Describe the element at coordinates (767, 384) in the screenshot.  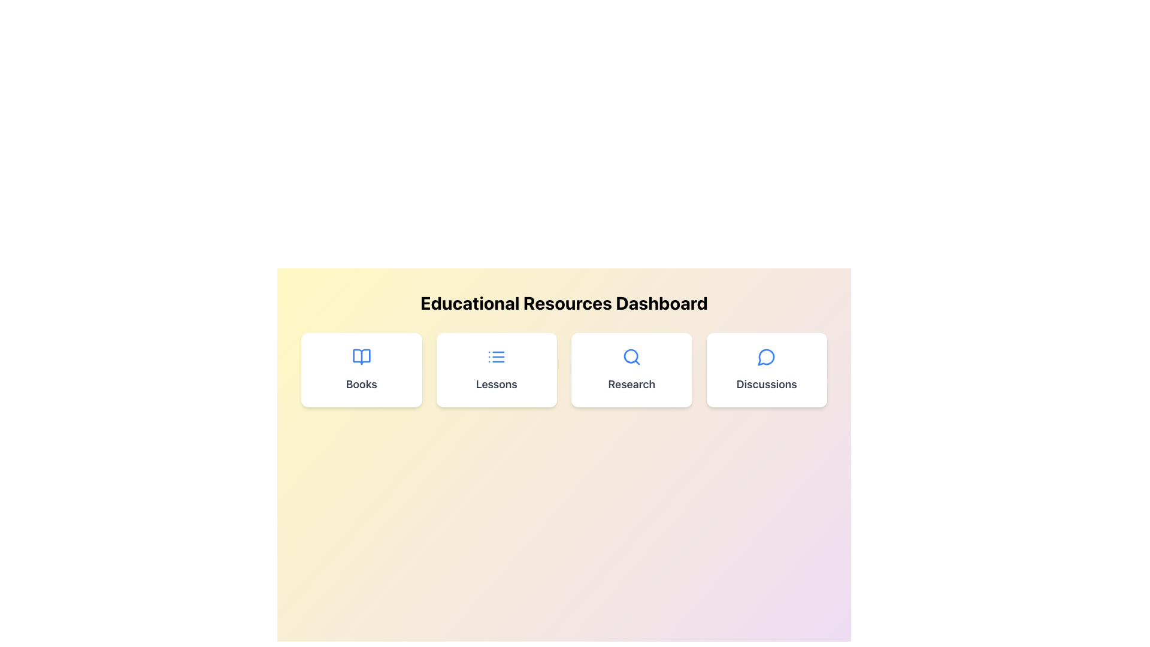
I see `the 'Discussions' label, which is positioned at the far-right of a horizontal row of cards labeled 'Books', 'Lessons', and 'Research'` at that location.